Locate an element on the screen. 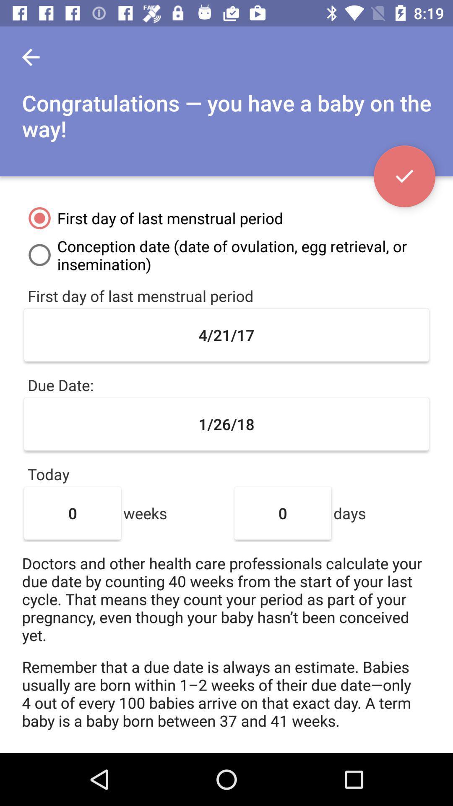  icon above the conception date date item is located at coordinates (404, 176).